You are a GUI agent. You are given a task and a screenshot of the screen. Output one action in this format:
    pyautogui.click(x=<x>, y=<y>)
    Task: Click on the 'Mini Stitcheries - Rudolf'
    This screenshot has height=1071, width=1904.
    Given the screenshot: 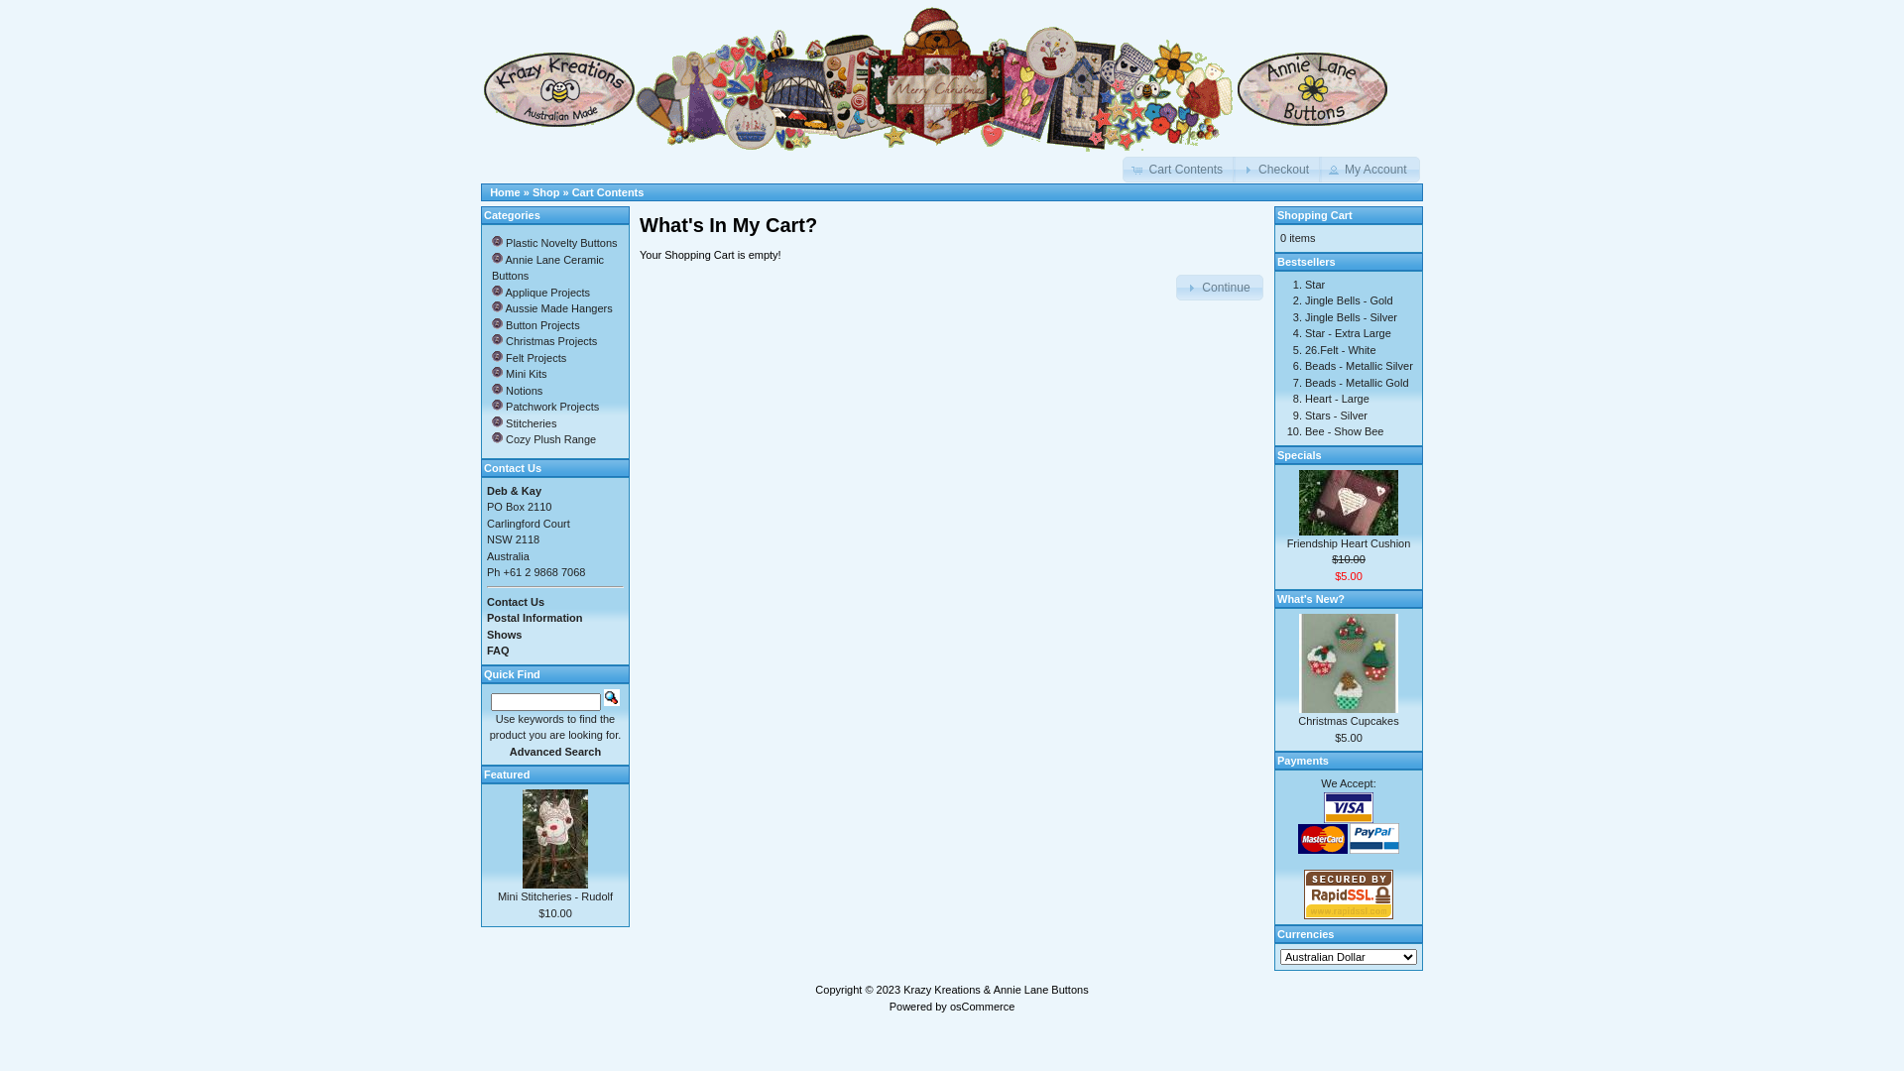 What is the action you would take?
    pyautogui.click(x=498, y=895)
    